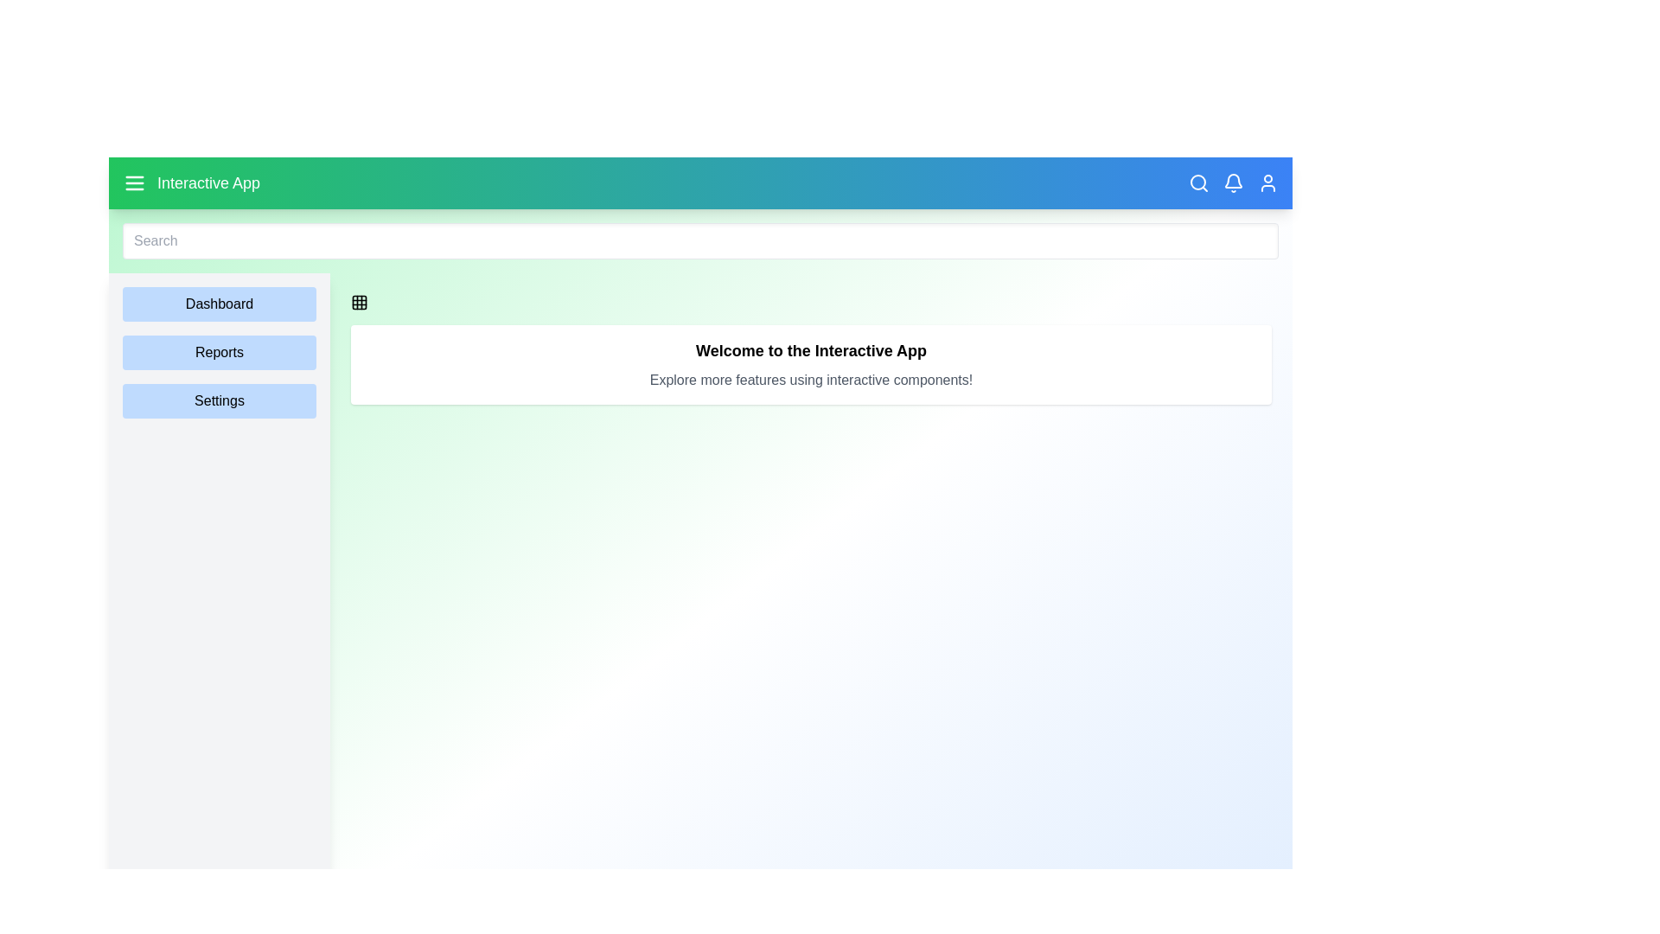  What do you see at coordinates (1198, 183) in the screenshot?
I see `the search icon in the navigation bar to toggle the search bar visibility` at bounding box center [1198, 183].